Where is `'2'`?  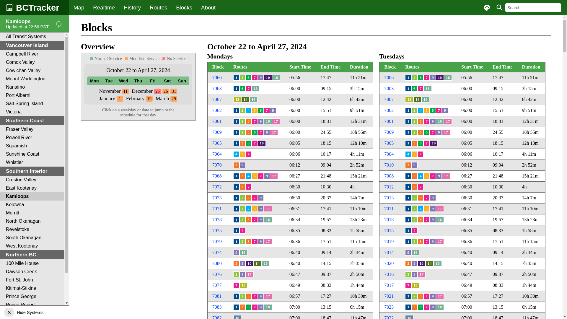
'2' is located at coordinates (242, 296).